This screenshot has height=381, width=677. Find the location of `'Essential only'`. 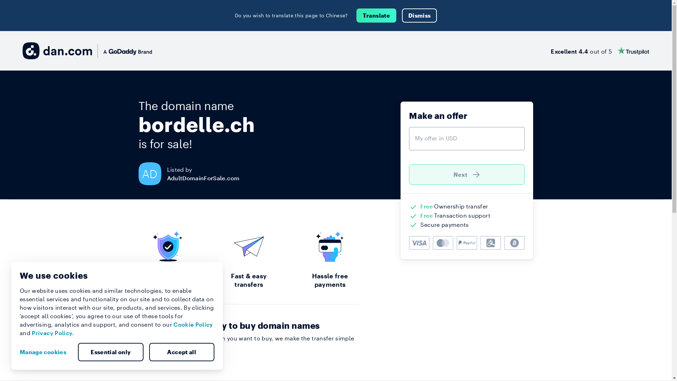

'Essential only' is located at coordinates (78, 352).